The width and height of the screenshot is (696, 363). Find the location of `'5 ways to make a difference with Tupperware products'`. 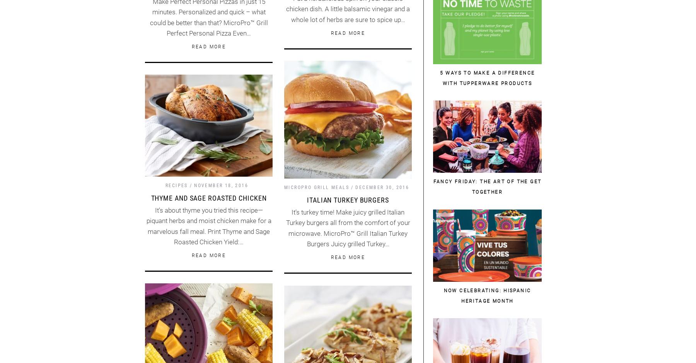

'5 ways to make a difference with Tupperware products' is located at coordinates (487, 77).